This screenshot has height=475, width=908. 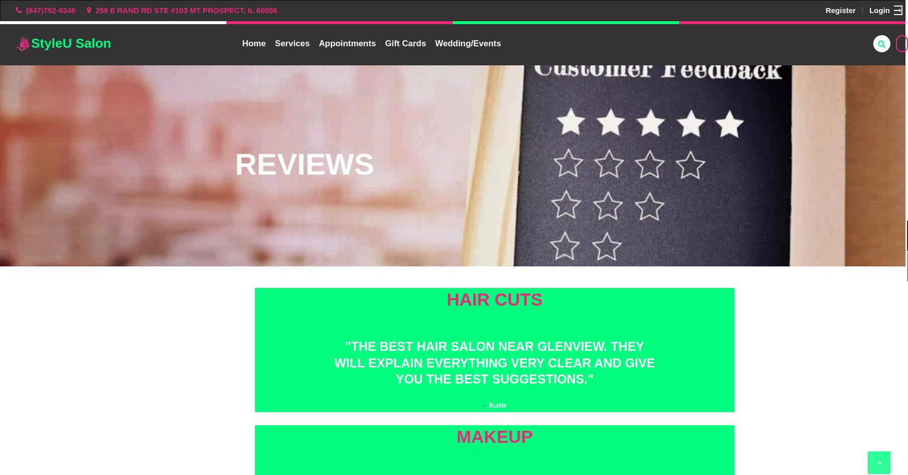 I want to click on 'Login', so click(x=879, y=10).